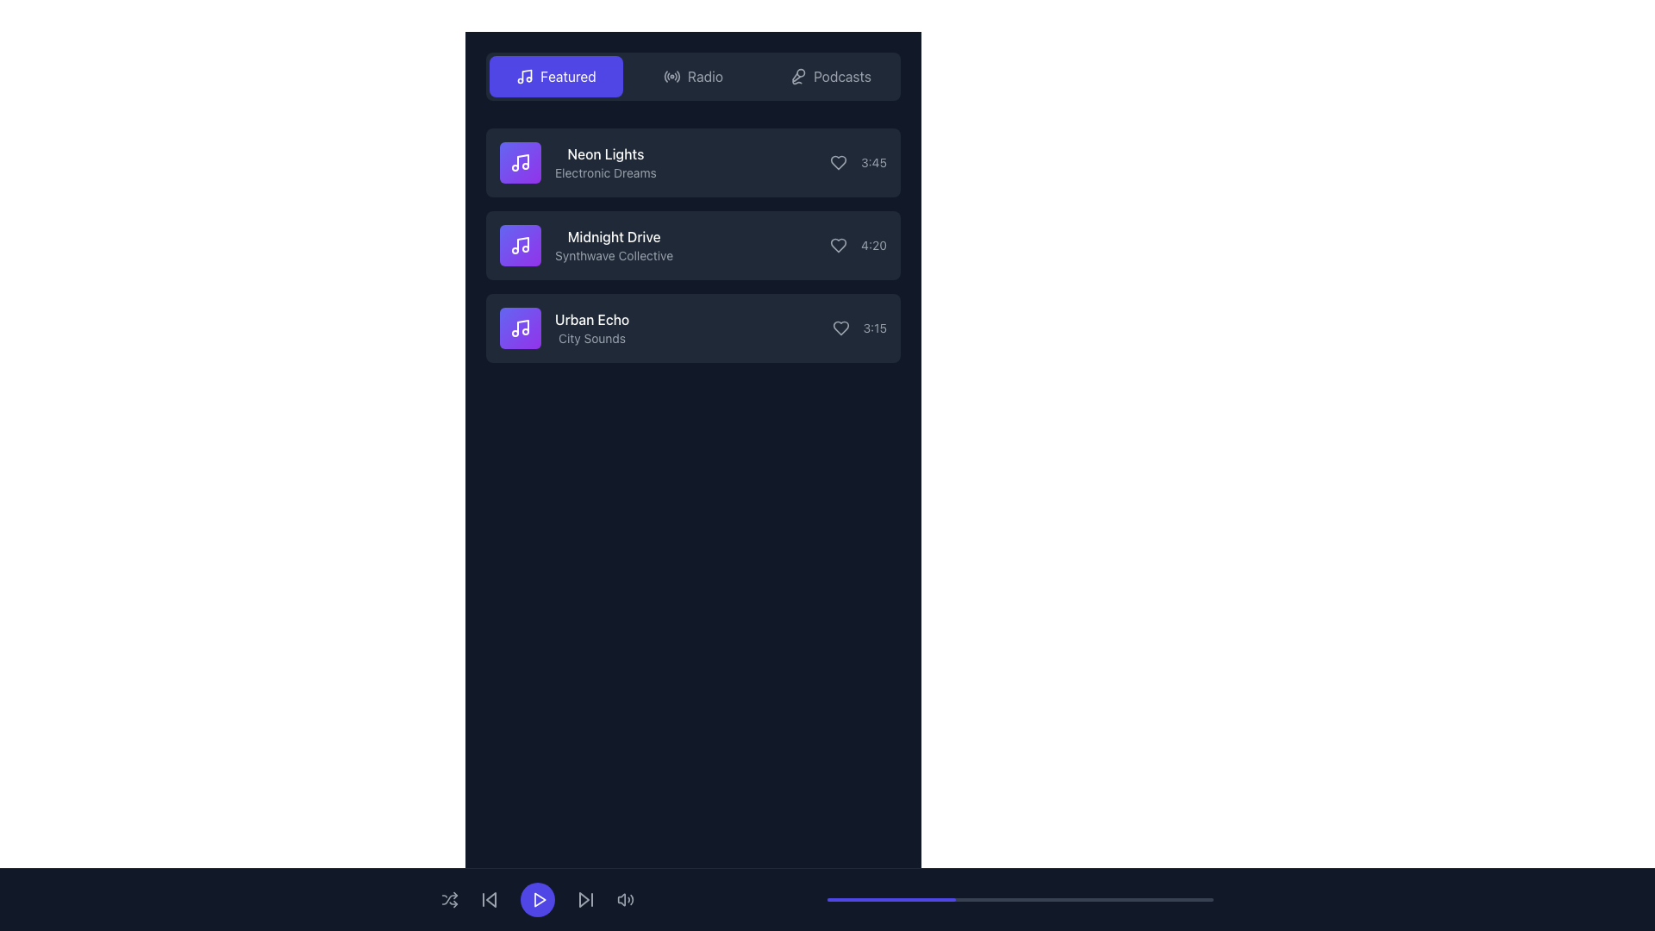  Describe the element at coordinates (614, 246) in the screenshot. I see `the text block displaying information about the music track or playlist, which is the second item in a vertical list located below 'Neon Lights' and above 'Urban Echo'` at that location.